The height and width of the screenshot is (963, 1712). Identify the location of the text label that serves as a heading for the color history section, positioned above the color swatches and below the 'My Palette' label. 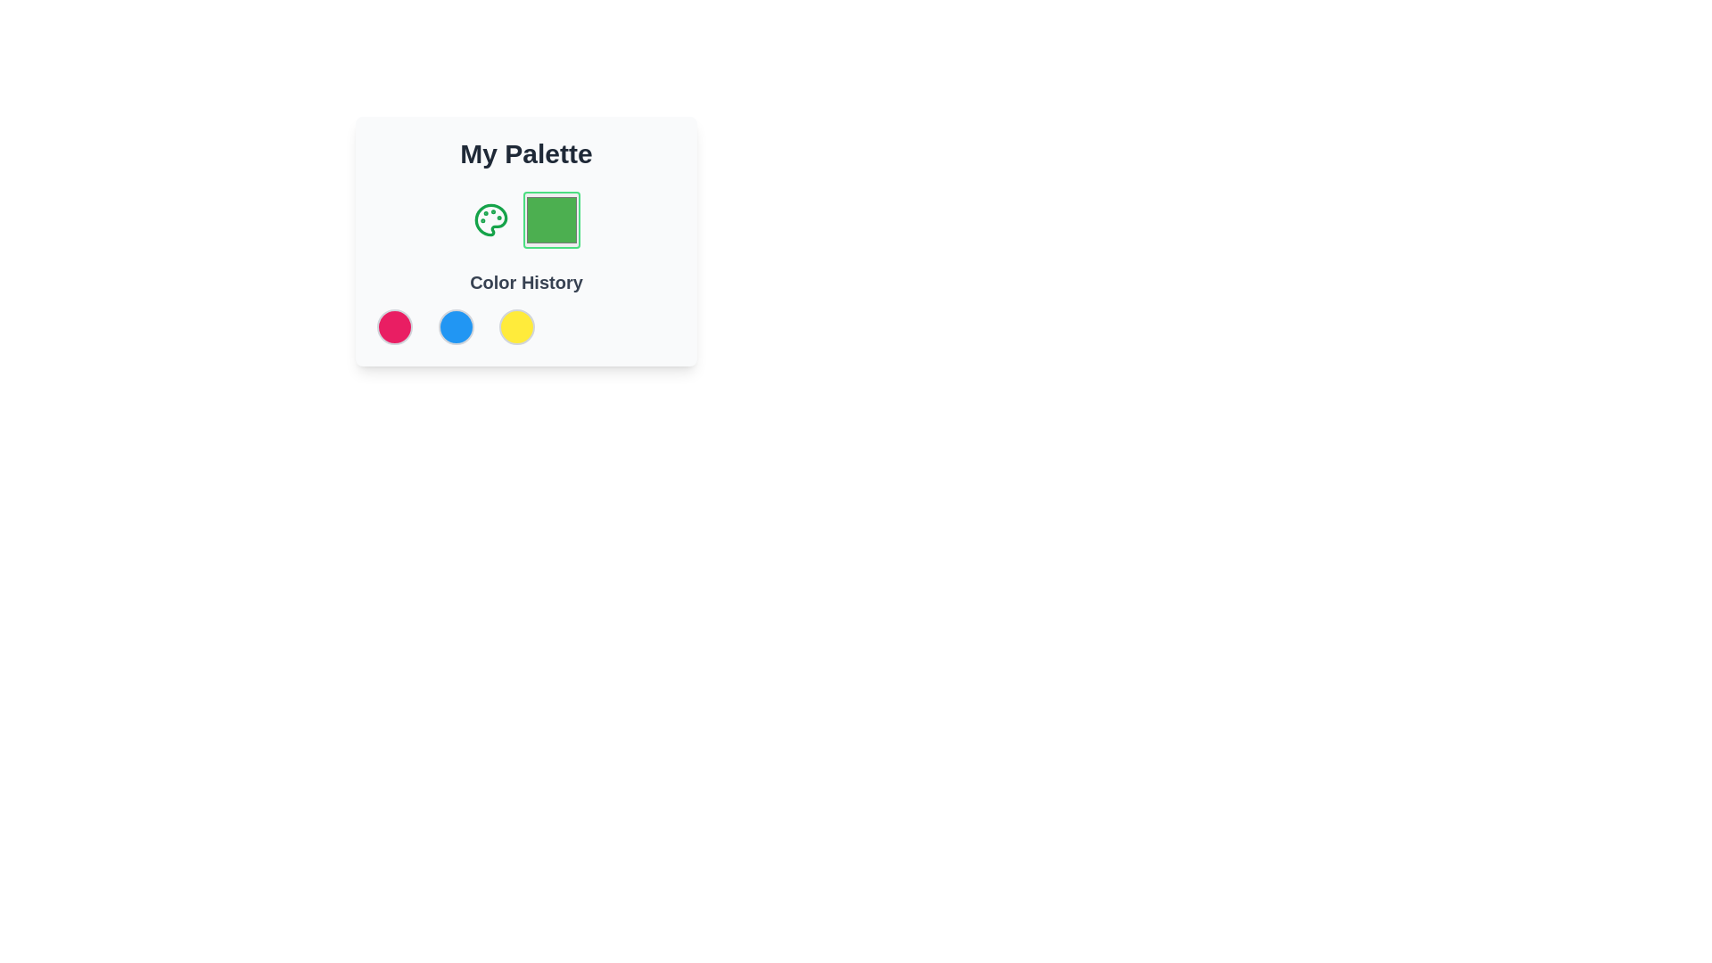
(525, 281).